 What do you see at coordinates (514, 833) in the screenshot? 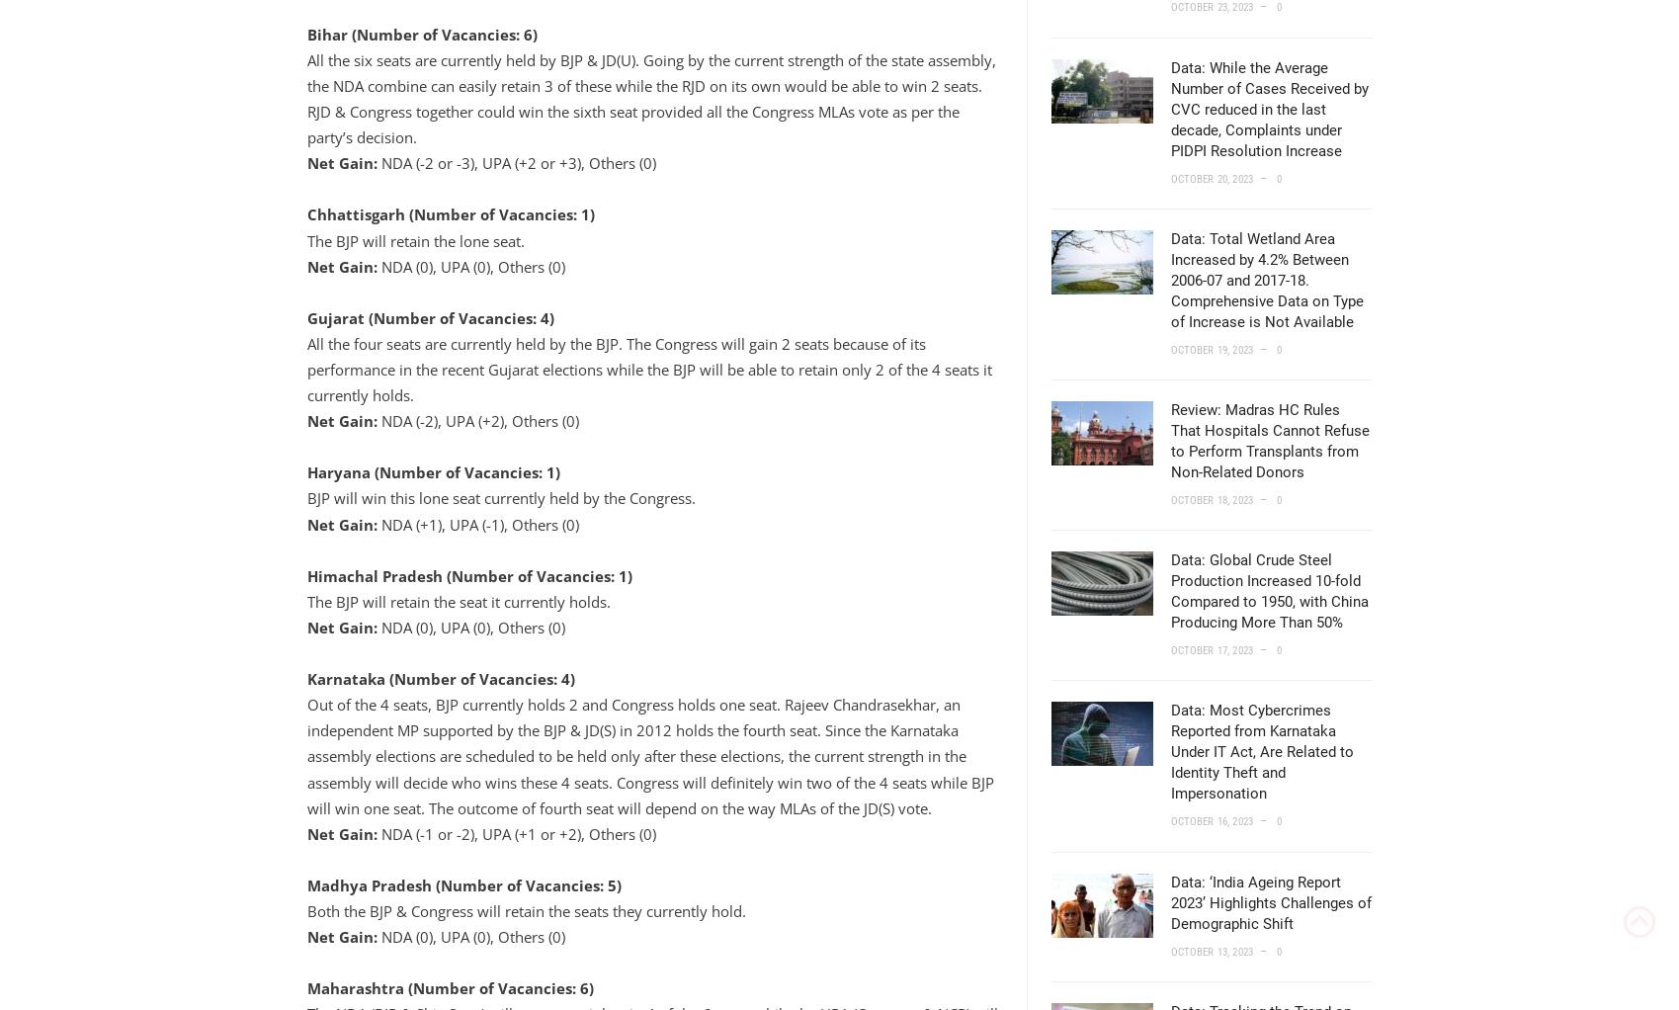
I see `'NDA (-1 or -2), UPA (+1 or +2), Others (0)'` at bounding box center [514, 833].